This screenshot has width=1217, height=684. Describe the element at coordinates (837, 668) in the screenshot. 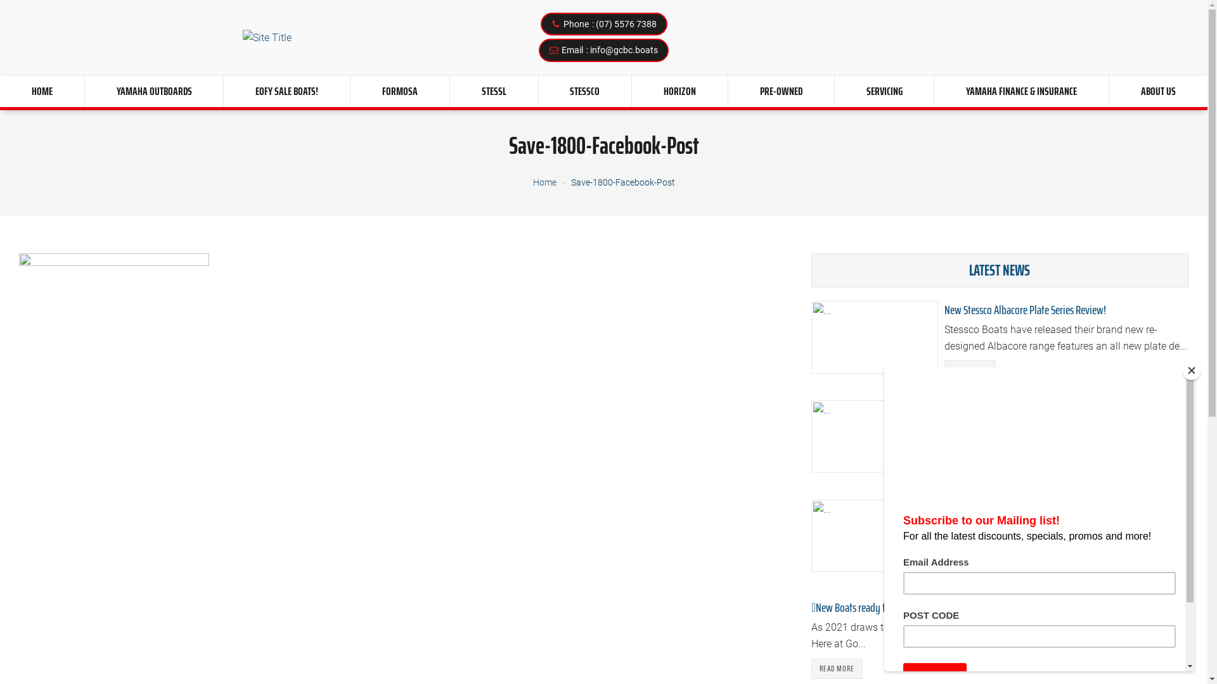

I see `'READ MORE'` at that location.